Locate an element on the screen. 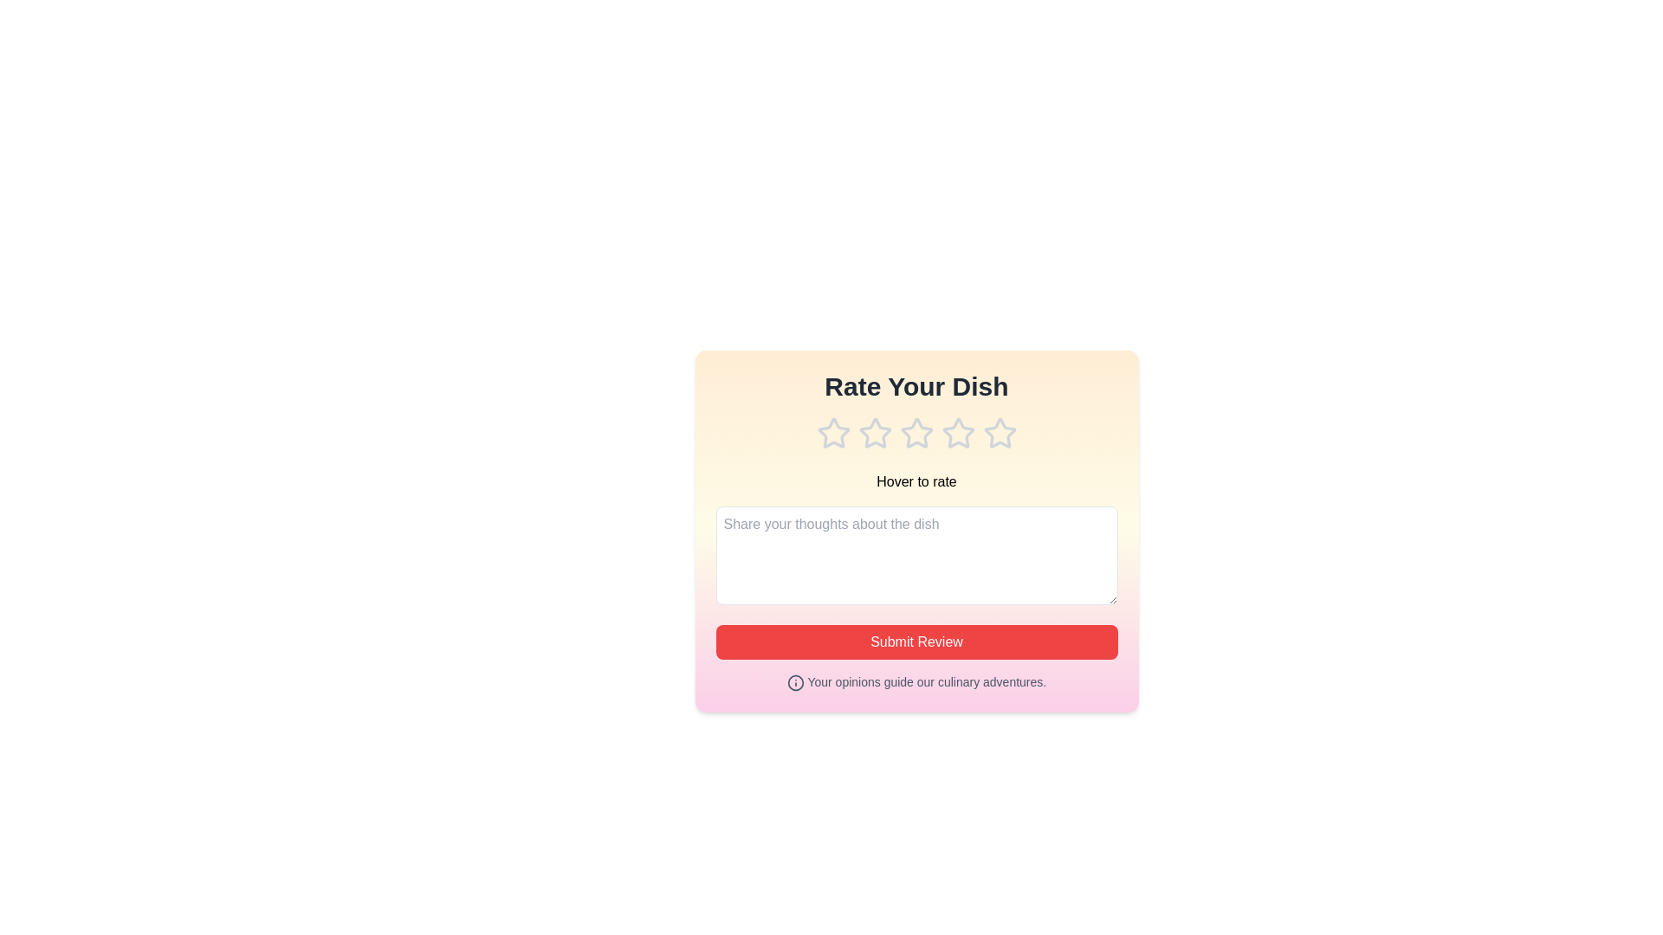 Image resolution: width=1663 pixels, height=935 pixels. the star corresponding to 2 to preview the rating is located at coordinates (875, 433).